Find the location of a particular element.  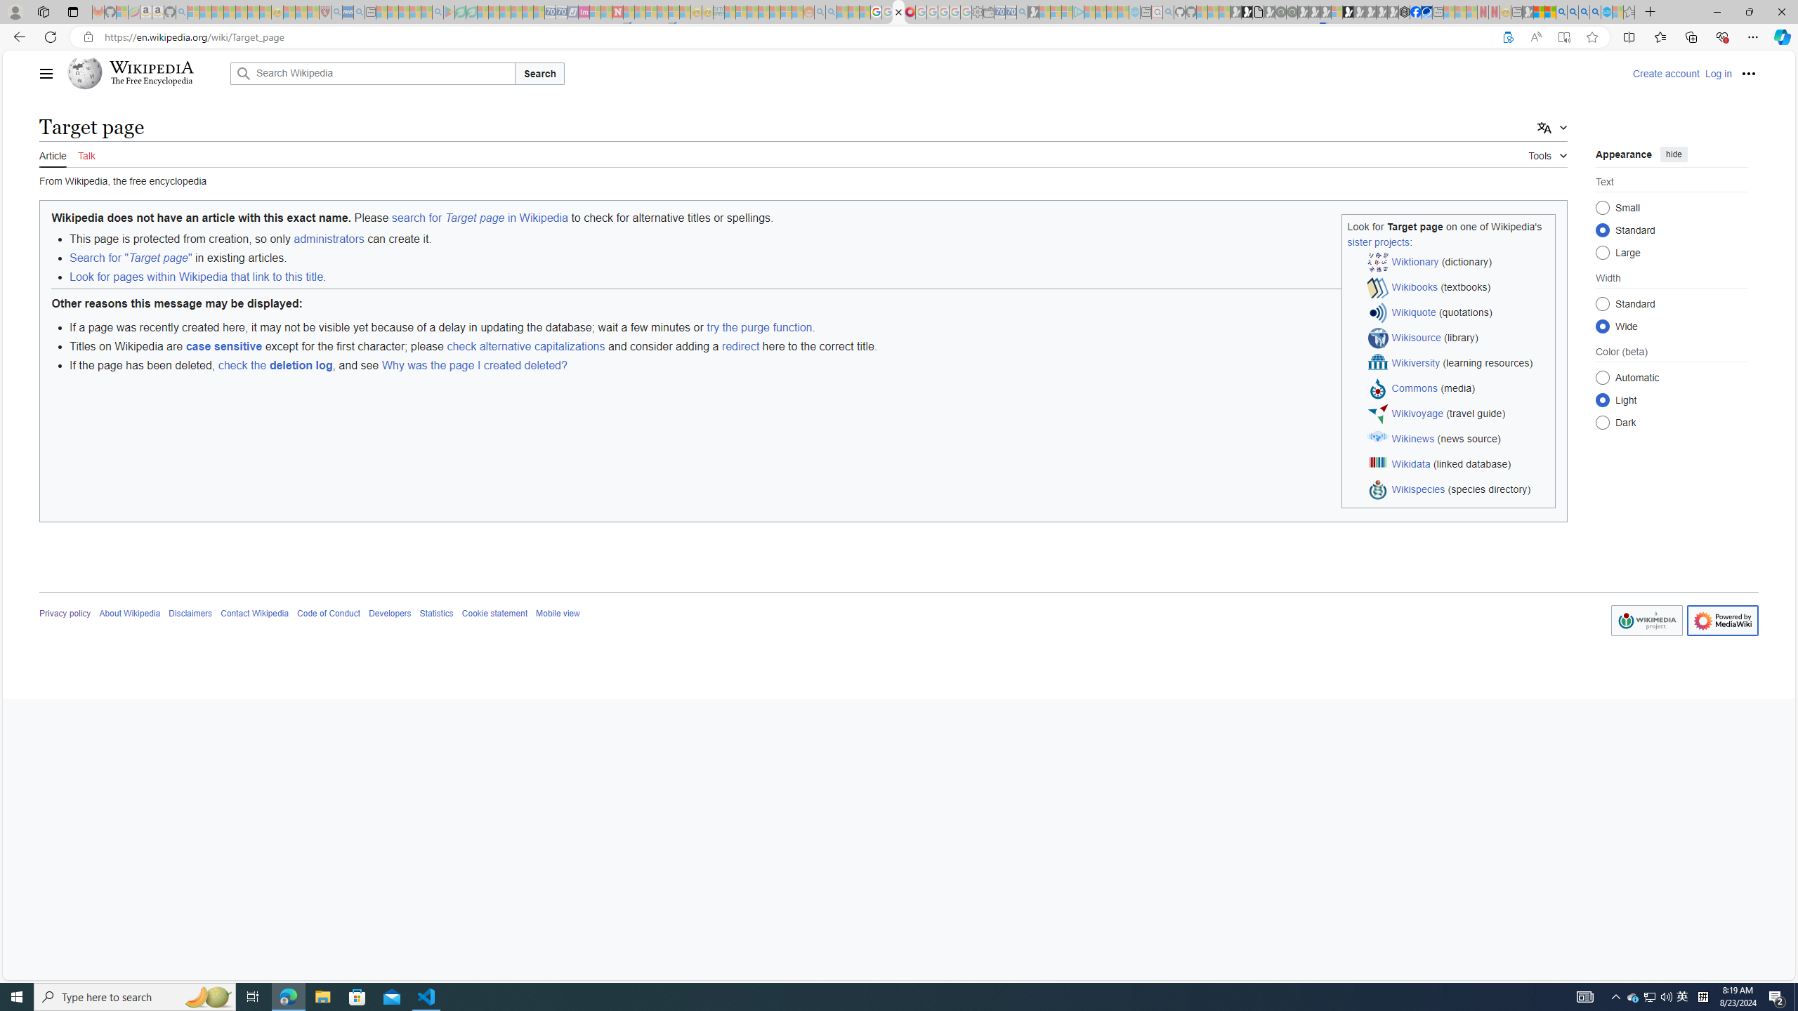

'Class: mw-list-item mw-list-item-js' is located at coordinates (1672, 399).